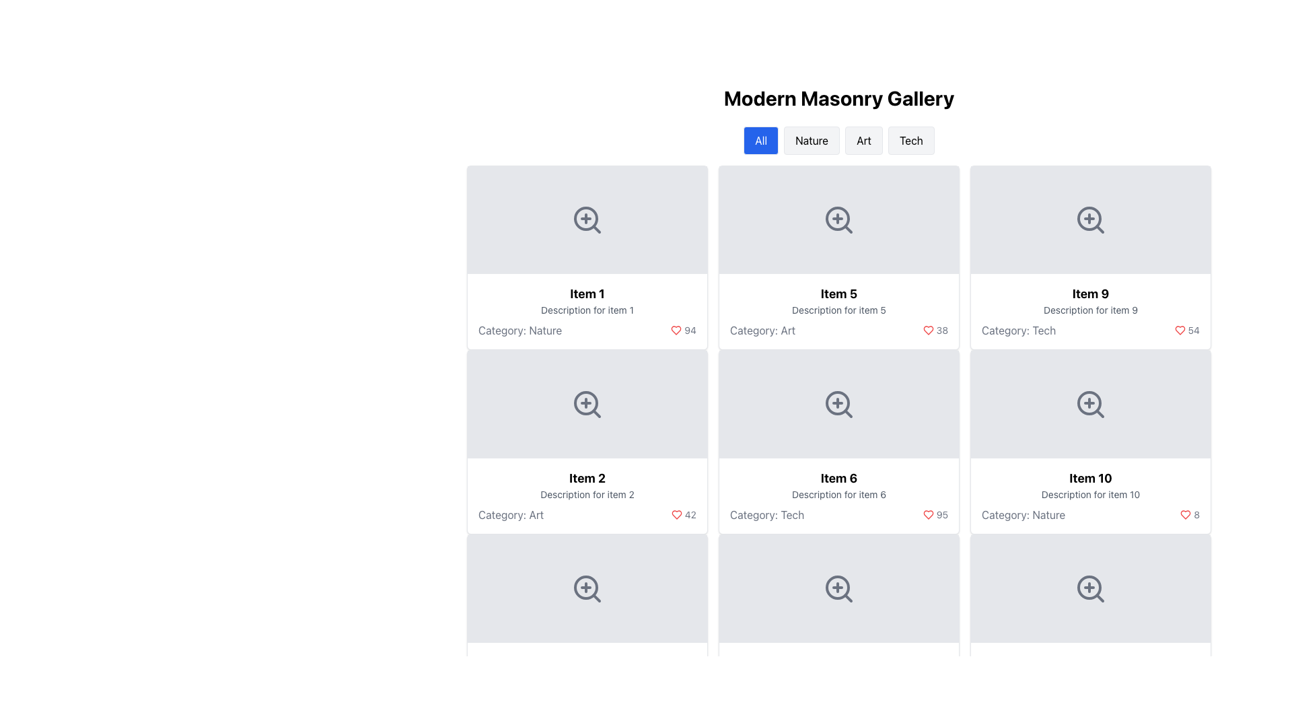 Image resolution: width=1292 pixels, height=727 pixels. Describe the element at coordinates (941, 514) in the screenshot. I see `displayed number '95' which is in a medium gray font, located at the bottom right of the card labeled 'Item 6', next to a red heart icon` at that location.